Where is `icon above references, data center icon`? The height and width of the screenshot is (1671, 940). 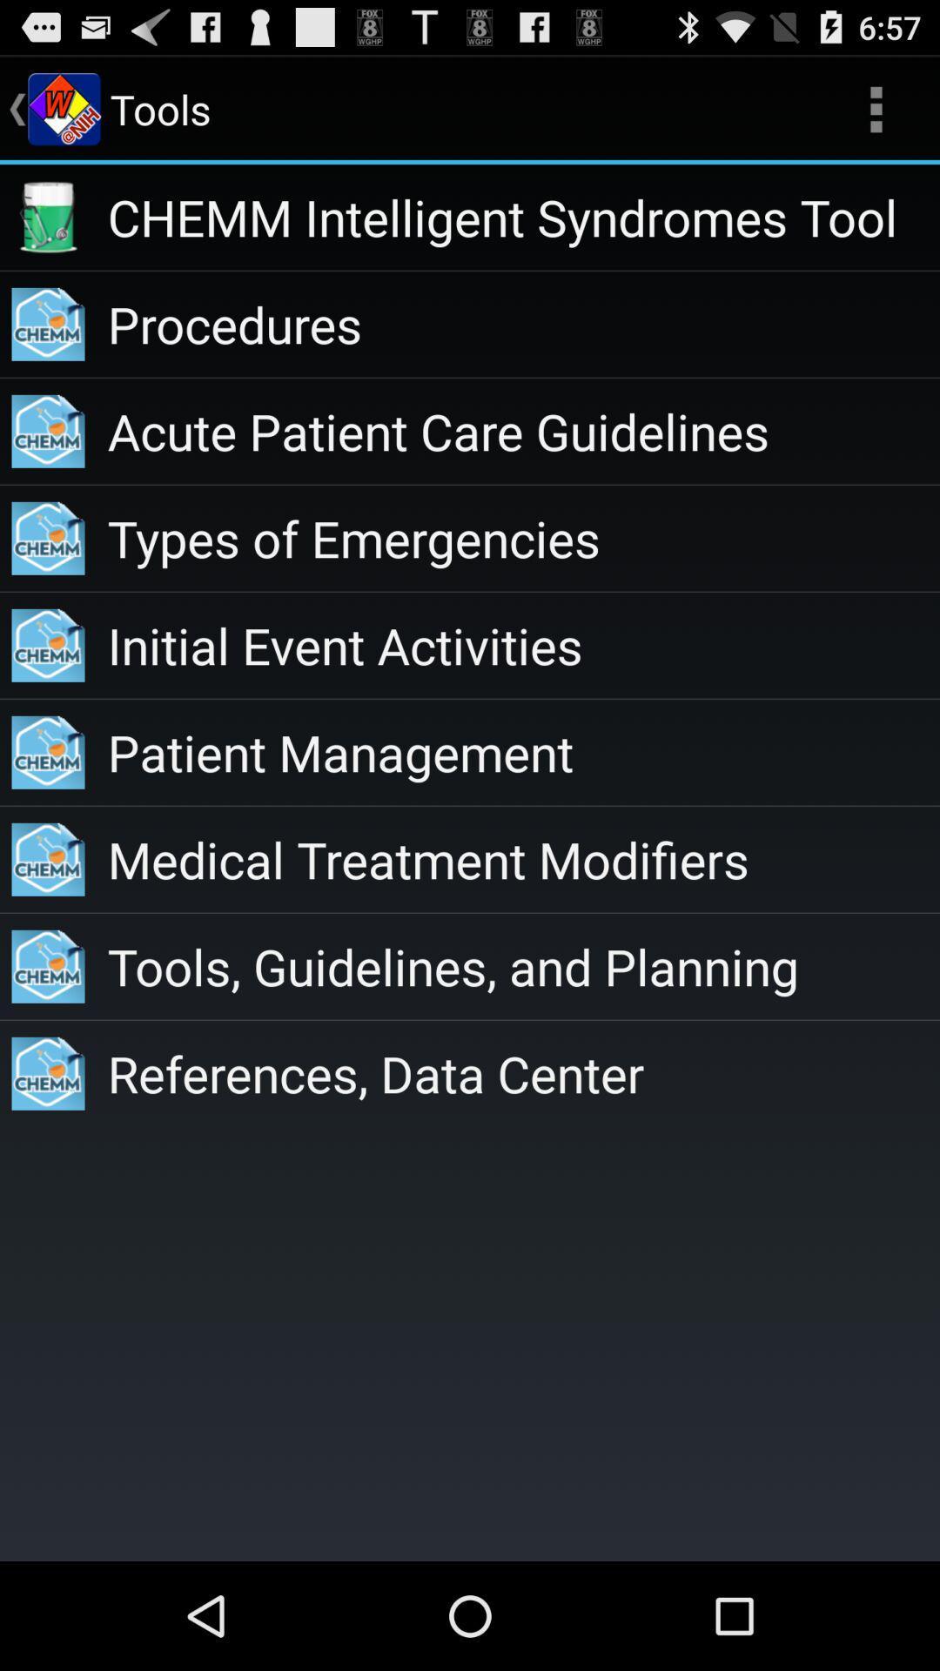
icon above references, data center icon is located at coordinates (522, 965).